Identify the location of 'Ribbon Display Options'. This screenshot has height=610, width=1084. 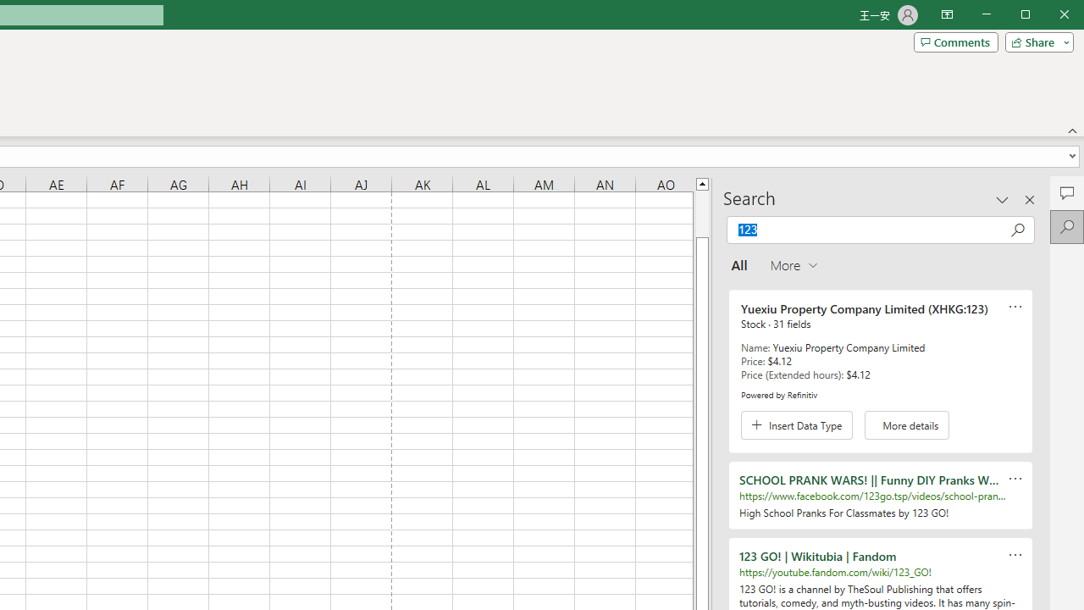
(946, 15).